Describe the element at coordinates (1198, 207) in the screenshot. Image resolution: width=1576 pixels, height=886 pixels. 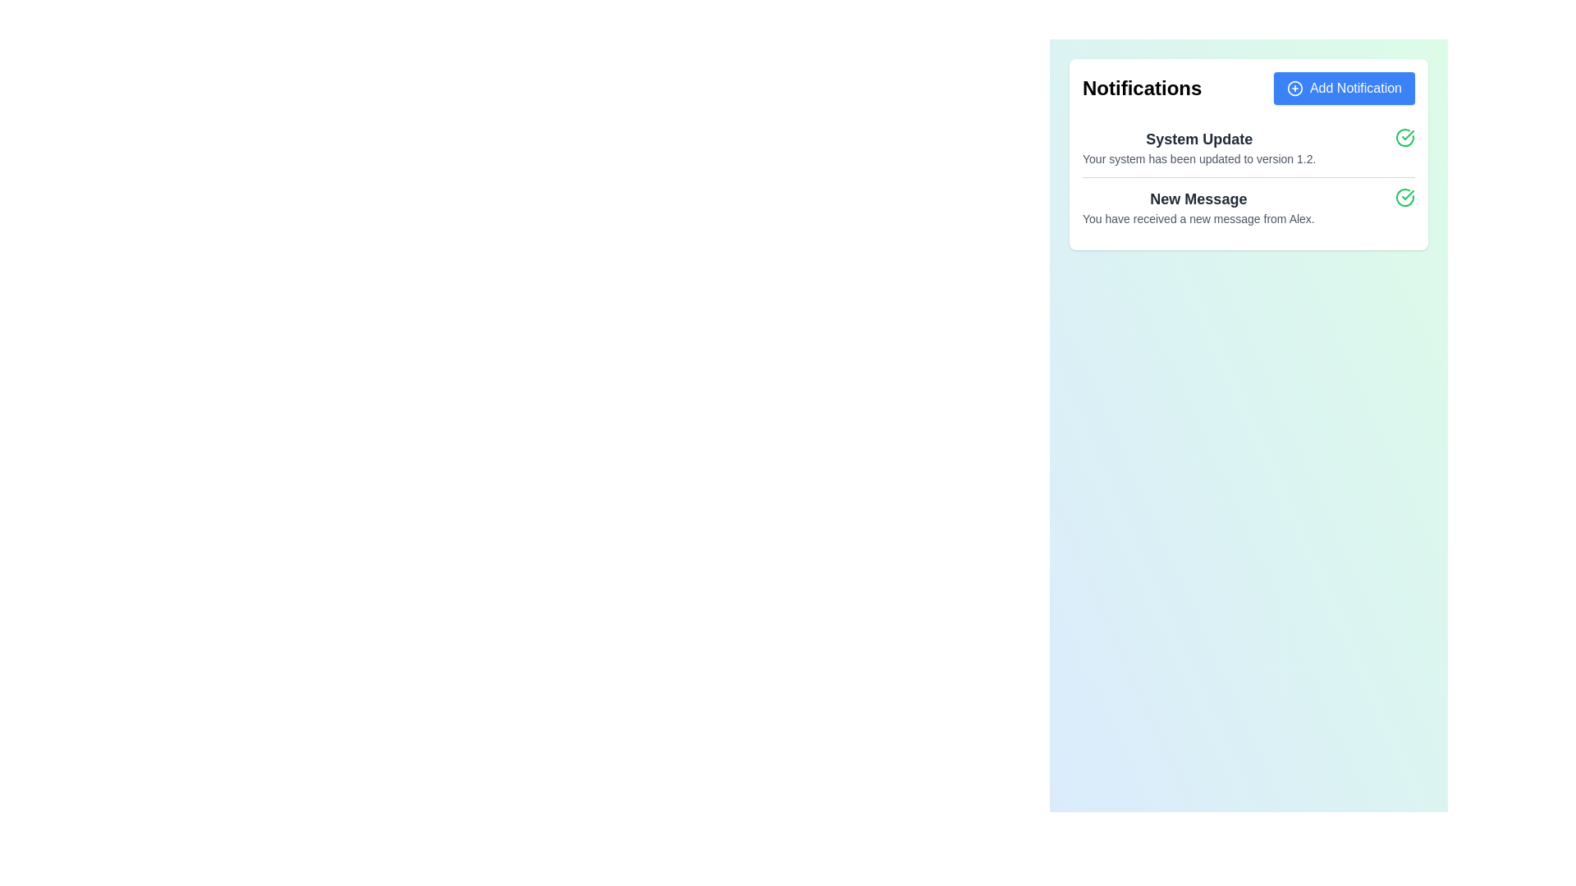
I see `the Informational Text Block displaying the notification message 'New Message' with the details 'You have received a new message from Alex.'` at that location.